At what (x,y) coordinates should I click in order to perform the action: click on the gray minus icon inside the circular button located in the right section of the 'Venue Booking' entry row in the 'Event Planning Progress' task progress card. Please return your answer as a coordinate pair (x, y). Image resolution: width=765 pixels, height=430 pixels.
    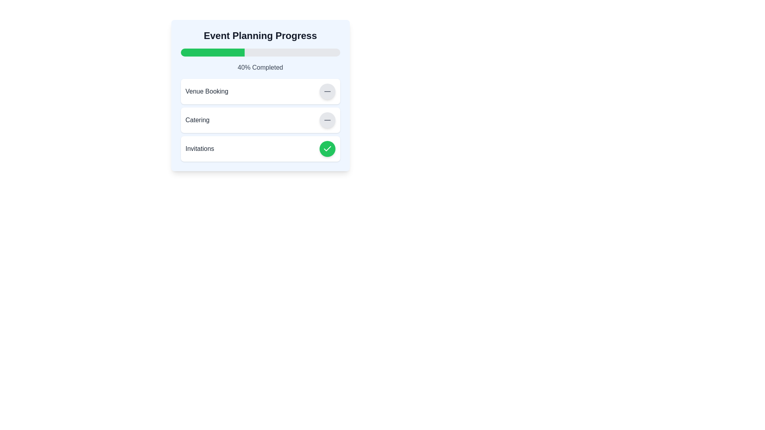
    Looking at the image, I should click on (327, 120).